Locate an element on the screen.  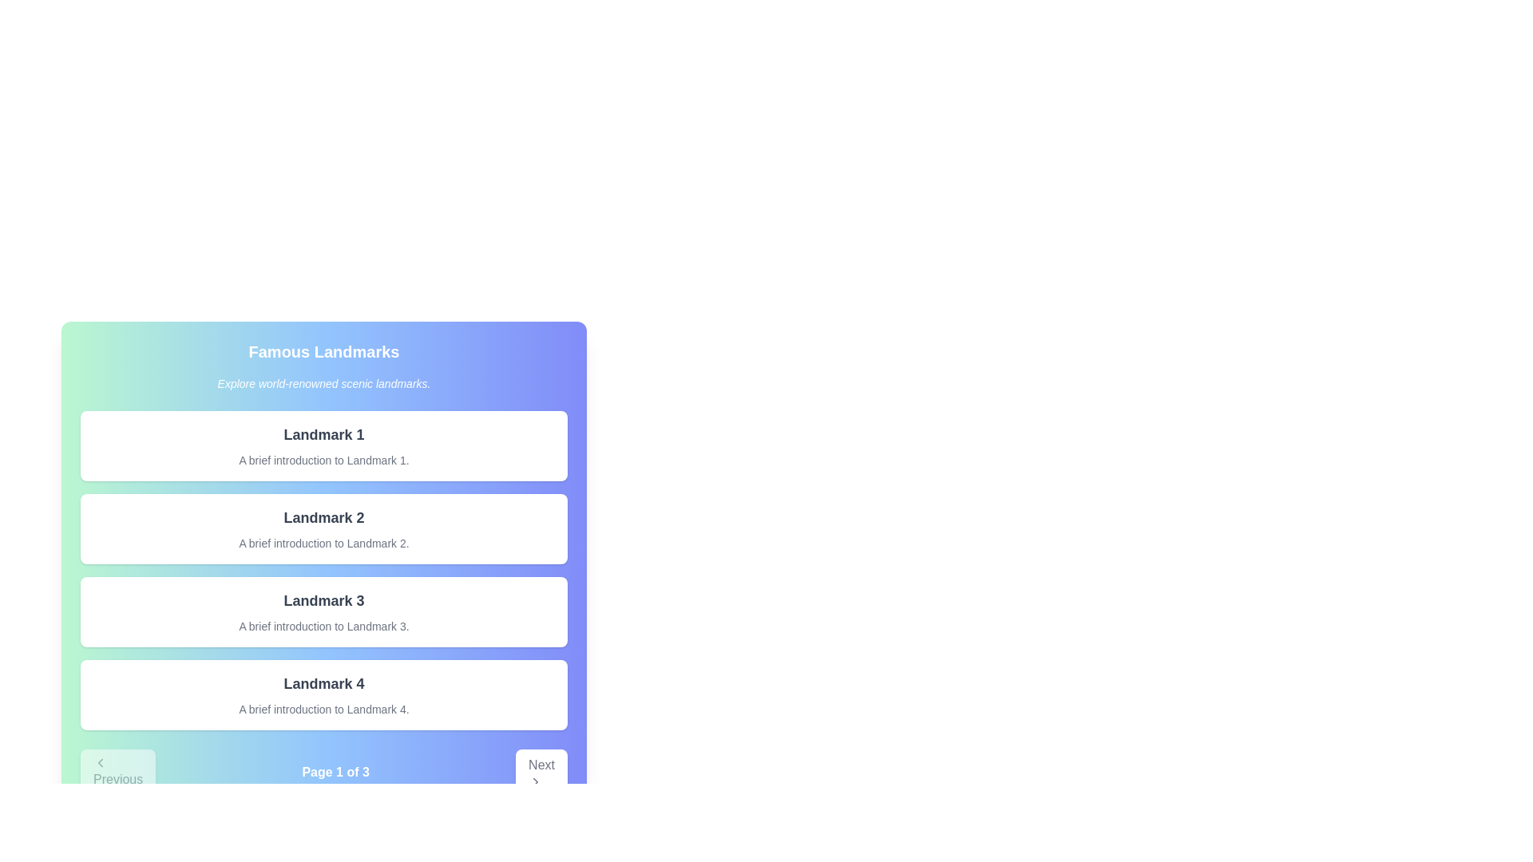
the rightward chevron arrow icon with a gray stroke outline, located at the bottom-right corner of the interface within the 'Next' button is located at coordinates (536, 781).